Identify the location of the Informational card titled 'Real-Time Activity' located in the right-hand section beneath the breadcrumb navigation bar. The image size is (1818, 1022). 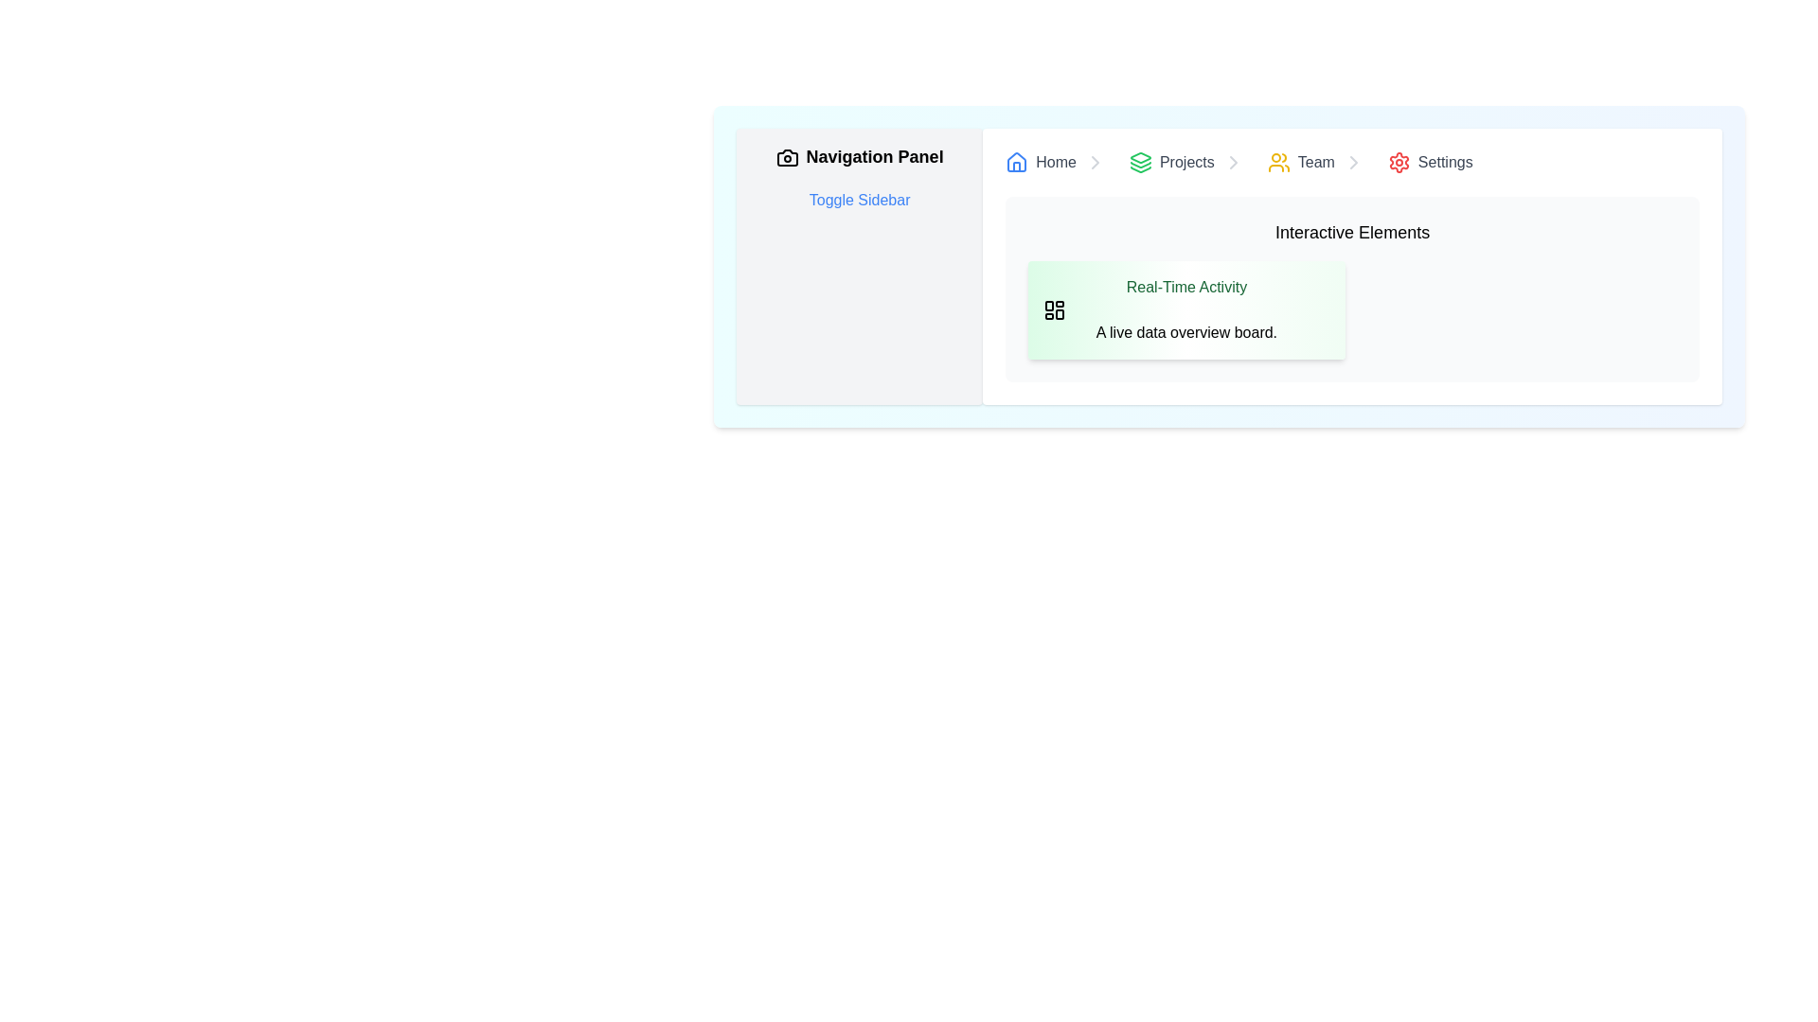
(1351, 289).